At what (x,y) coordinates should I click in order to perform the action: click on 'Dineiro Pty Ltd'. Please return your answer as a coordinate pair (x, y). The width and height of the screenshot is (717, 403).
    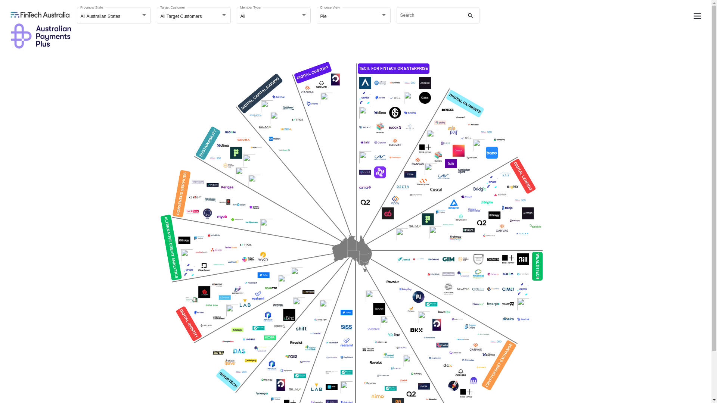
    Looking at the image, I should click on (508, 319).